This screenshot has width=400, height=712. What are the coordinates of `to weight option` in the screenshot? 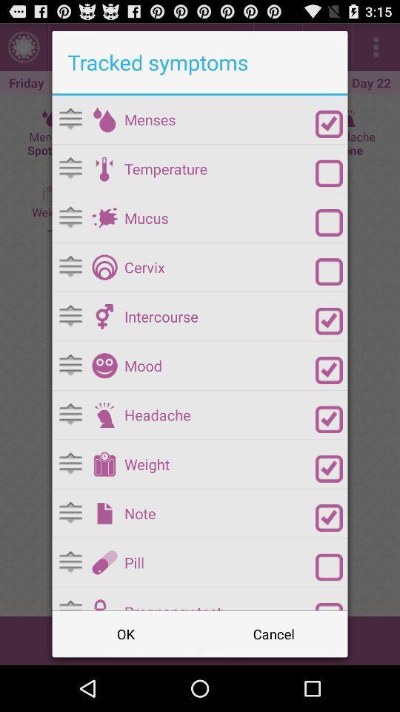 It's located at (104, 464).